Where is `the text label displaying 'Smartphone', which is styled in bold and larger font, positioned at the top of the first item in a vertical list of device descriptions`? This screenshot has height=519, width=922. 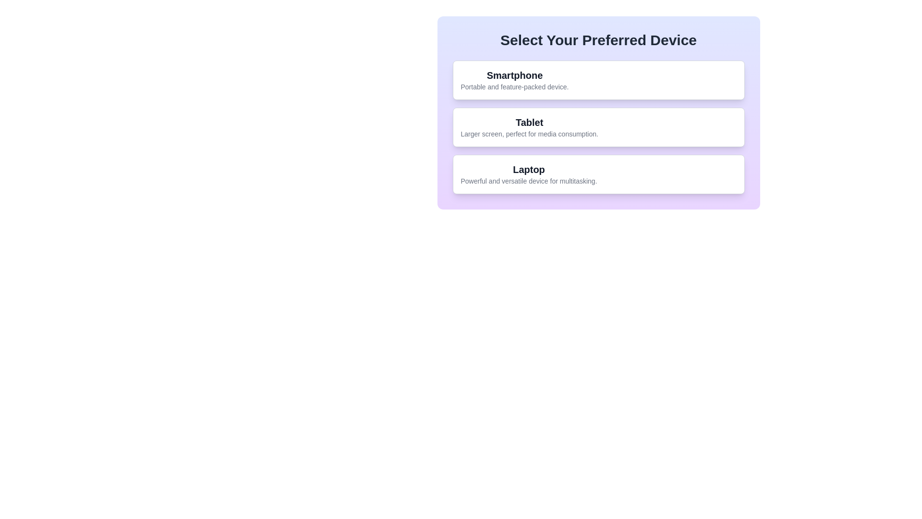
the text label displaying 'Smartphone', which is styled in bold and larger font, positioned at the top of the first item in a vertical list of device descriptions is located at coordinates (514, 75).